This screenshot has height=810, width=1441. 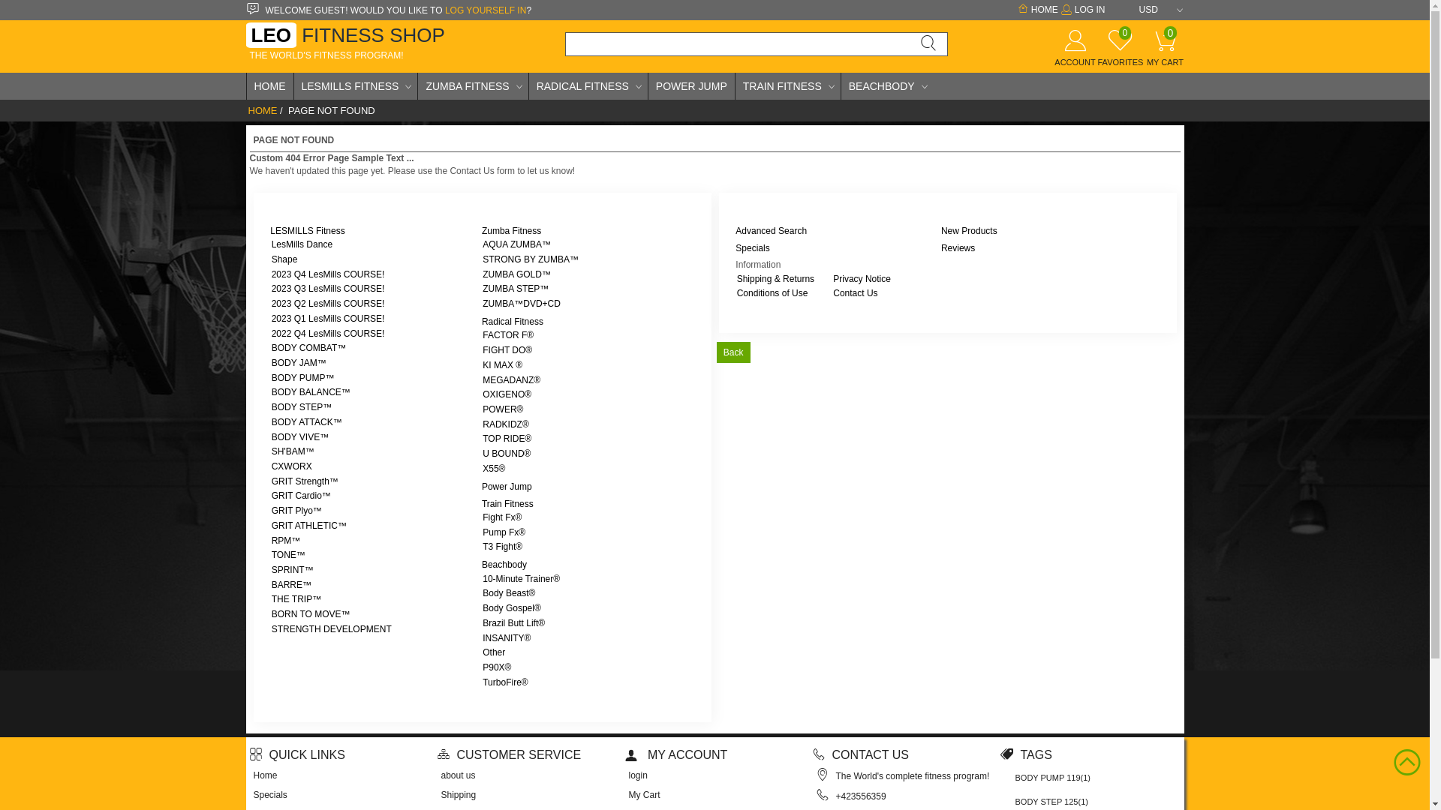 I want to click on 'TAGS', so click(x=1024, y=754).